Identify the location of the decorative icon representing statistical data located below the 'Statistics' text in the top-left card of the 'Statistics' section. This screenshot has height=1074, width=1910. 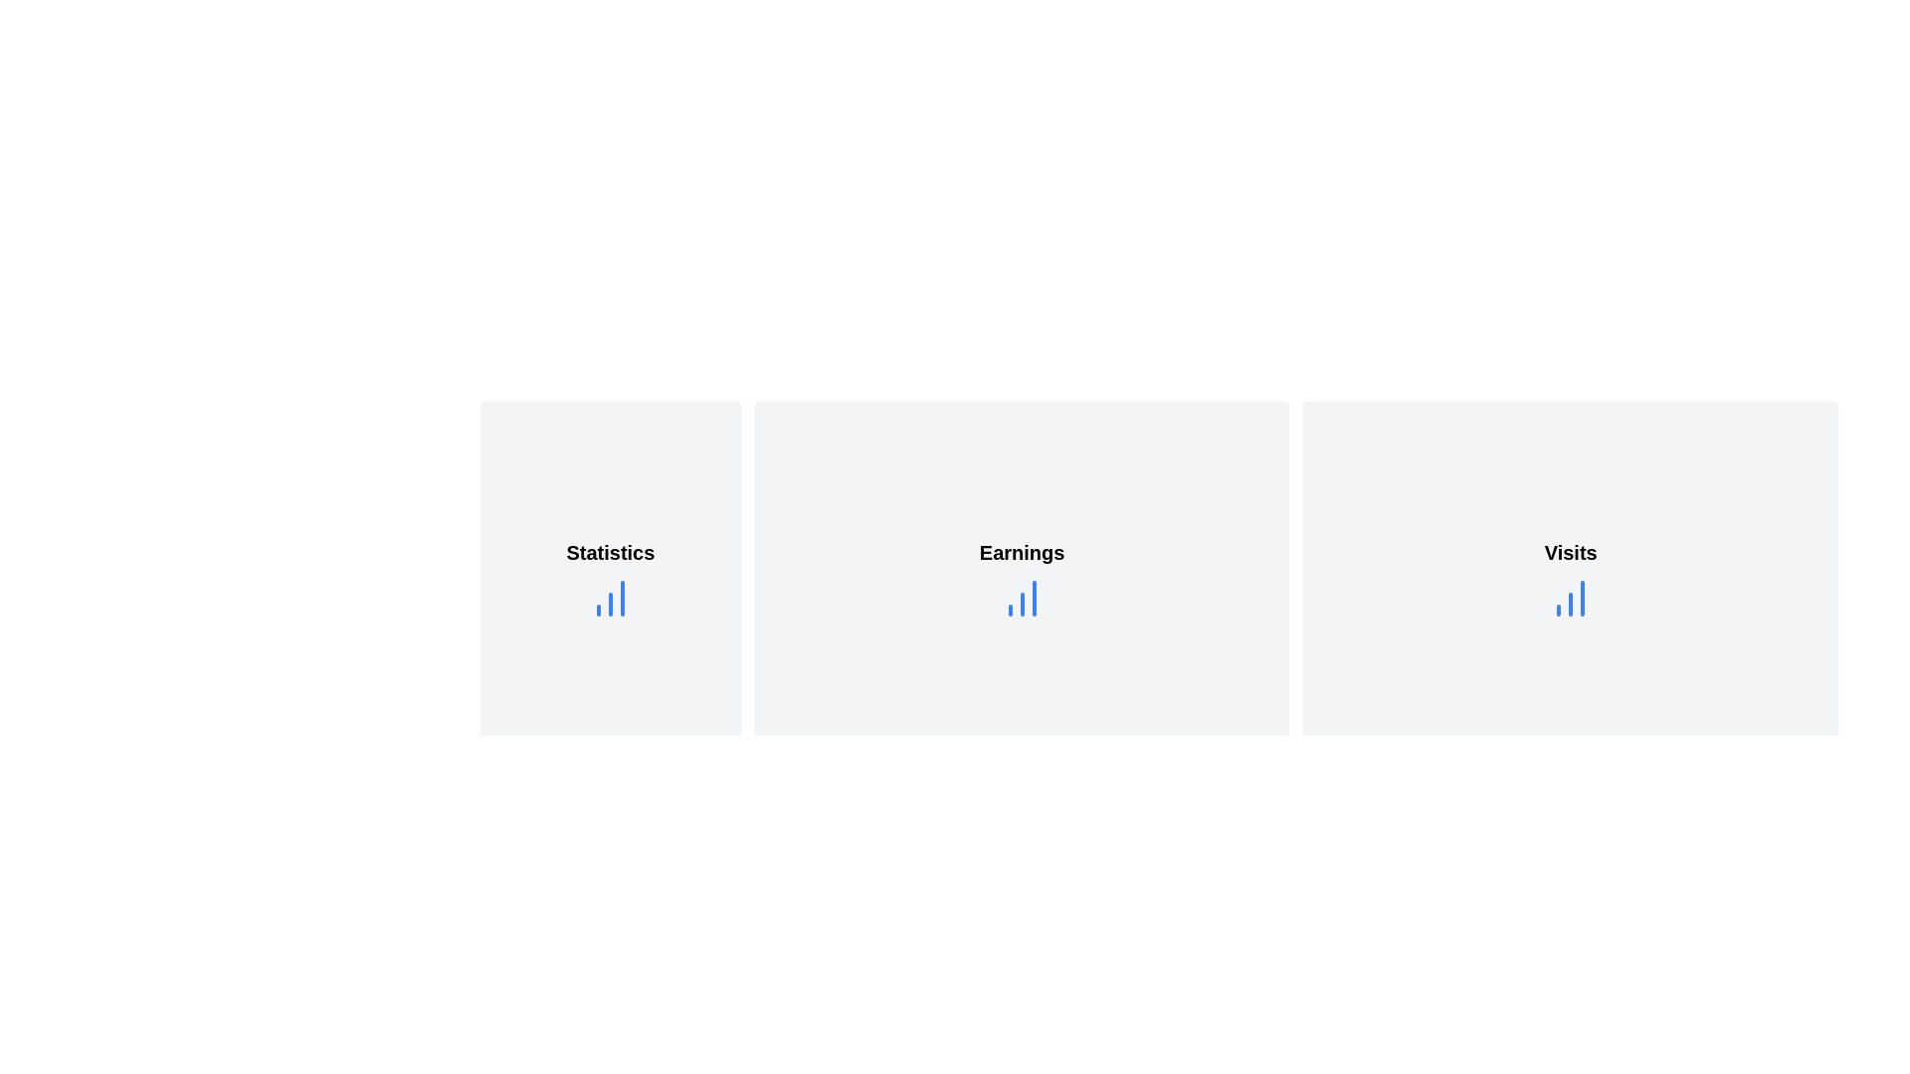
(609, 597).